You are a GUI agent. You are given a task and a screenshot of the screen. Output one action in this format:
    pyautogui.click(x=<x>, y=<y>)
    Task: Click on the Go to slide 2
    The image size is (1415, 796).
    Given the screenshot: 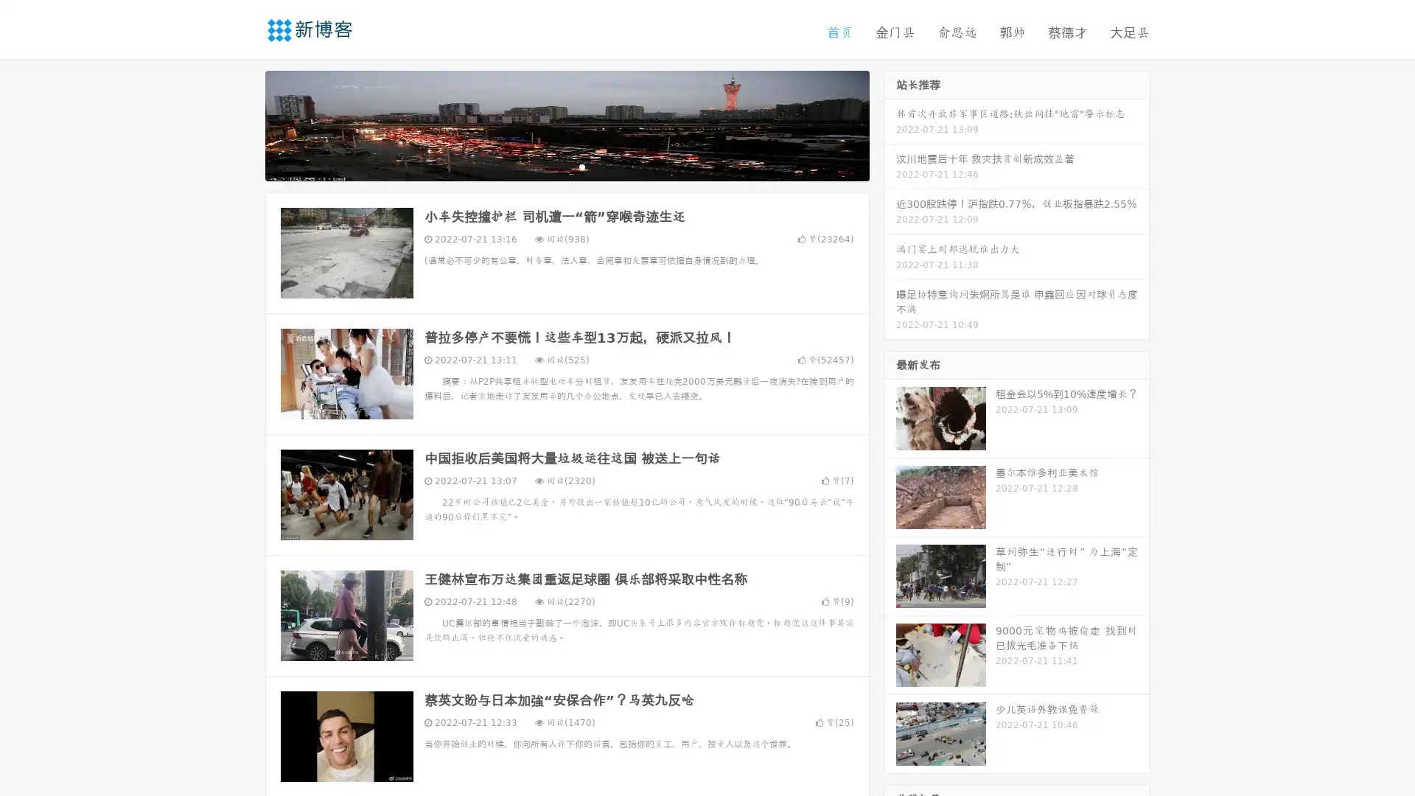 What is the action you would take?
    pyautogui.click(x=566, y=166)
    